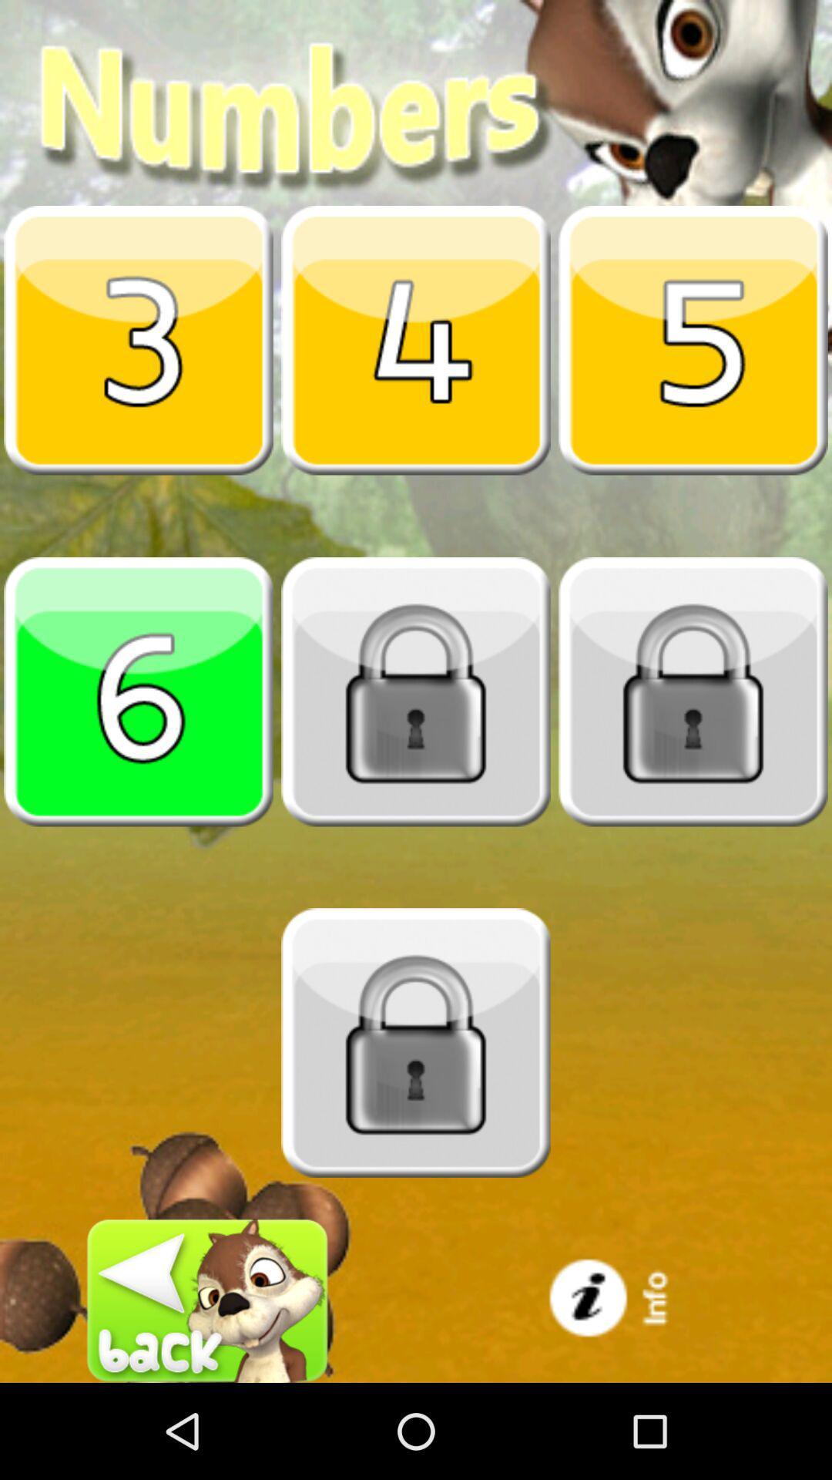  What do you see at coordinates (416, 691) in the screenshot?
I see `unlock the next number` at bounding box center [416, 691].